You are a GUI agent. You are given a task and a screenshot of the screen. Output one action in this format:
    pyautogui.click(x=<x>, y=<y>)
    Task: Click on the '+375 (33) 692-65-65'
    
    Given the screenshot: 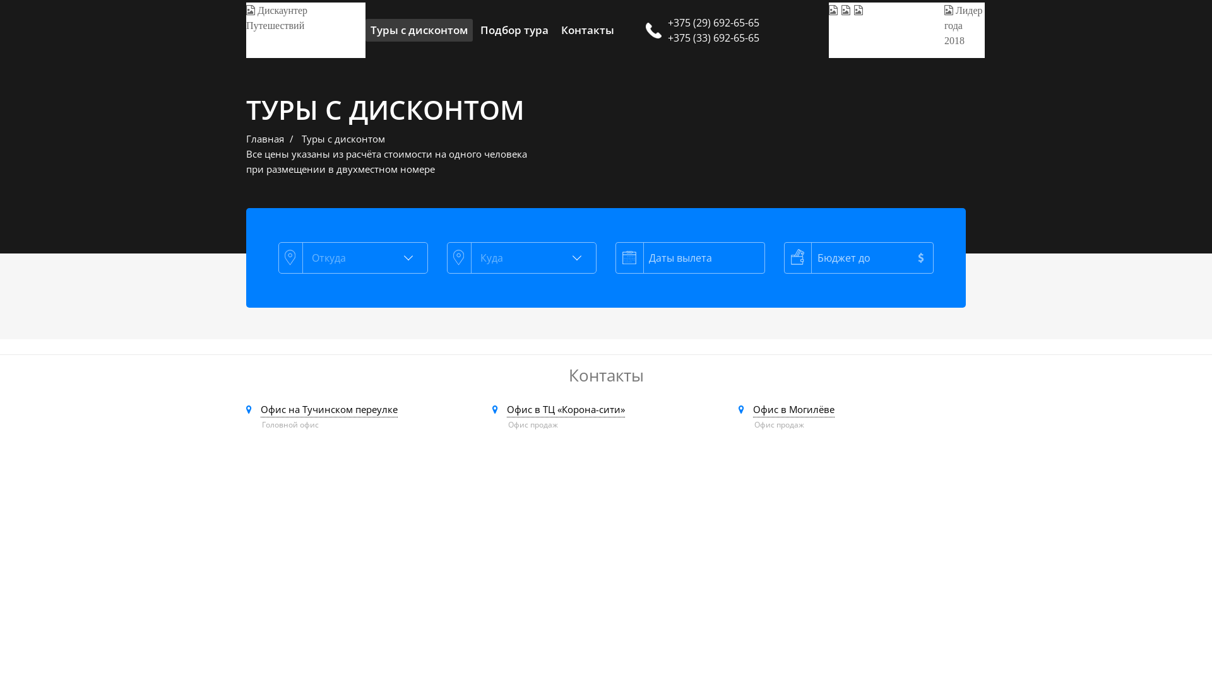 What is the action you would take?
    pyautogui.click(x=743, y=37)
    